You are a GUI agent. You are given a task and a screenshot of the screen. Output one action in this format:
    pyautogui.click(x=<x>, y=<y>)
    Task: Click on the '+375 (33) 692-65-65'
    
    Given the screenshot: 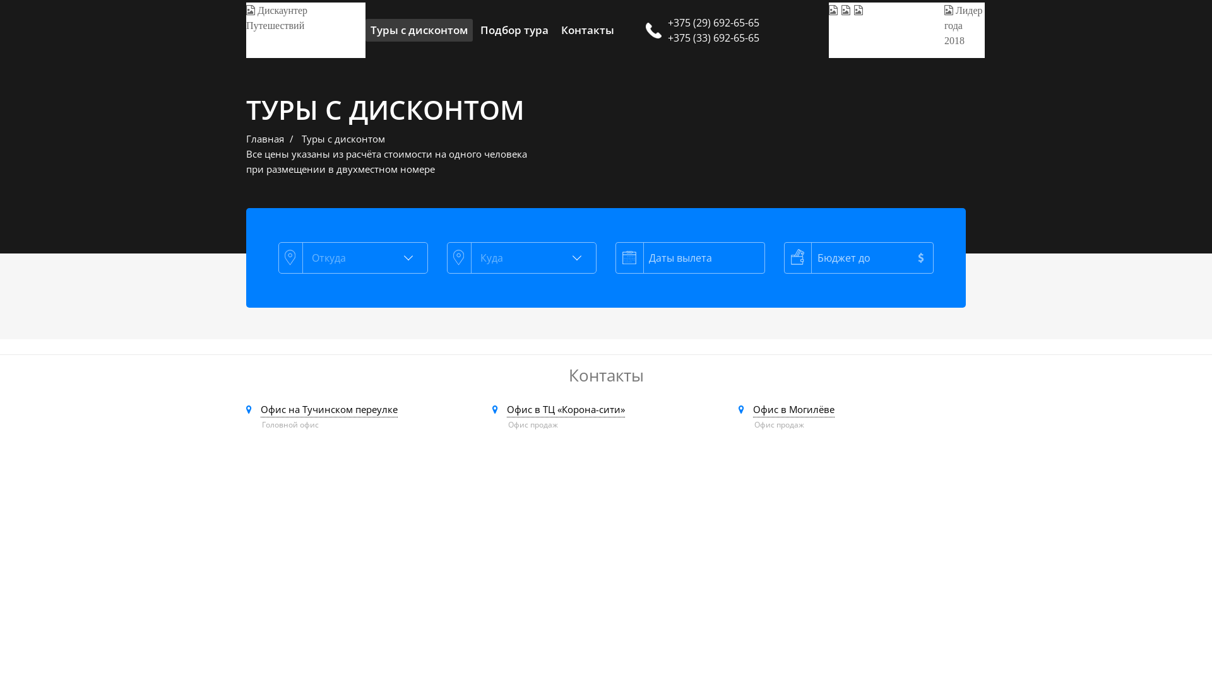 What is the action you would take?
    pyautogui.click(x=743, y=37)
    